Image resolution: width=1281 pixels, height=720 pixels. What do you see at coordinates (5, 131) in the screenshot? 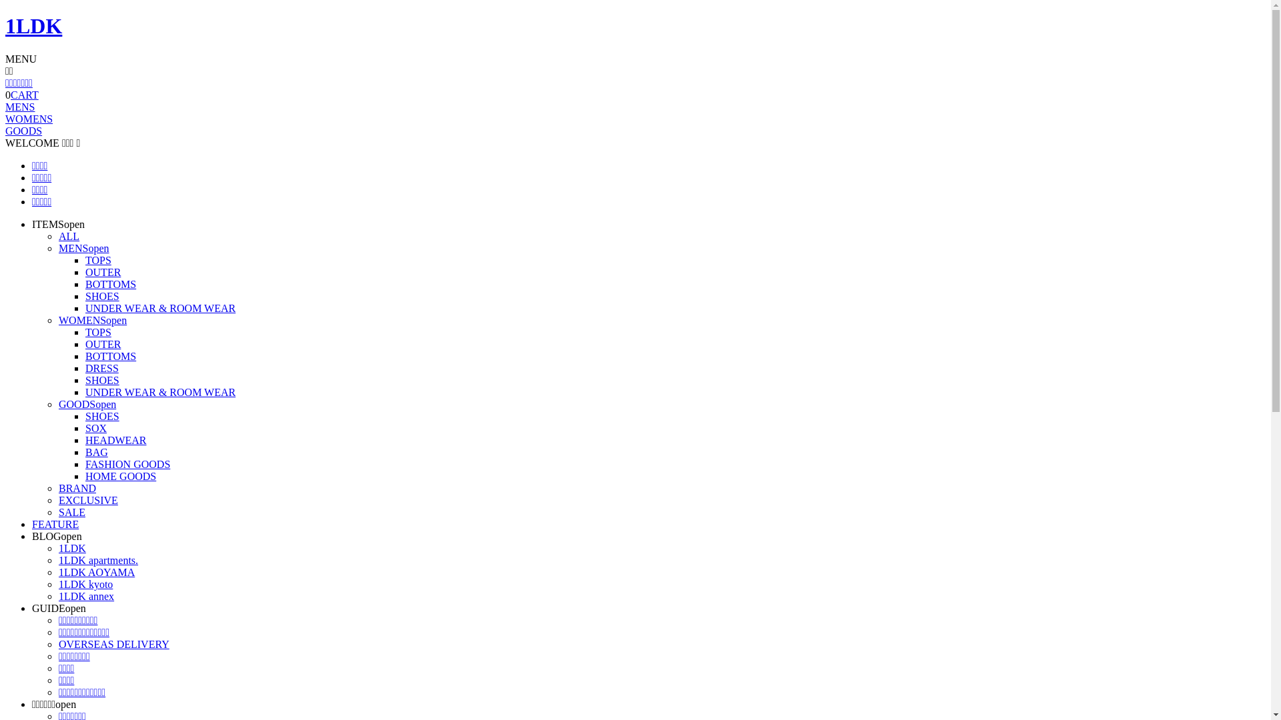
I see `'GOODS'` at bounding box center [5, 131].